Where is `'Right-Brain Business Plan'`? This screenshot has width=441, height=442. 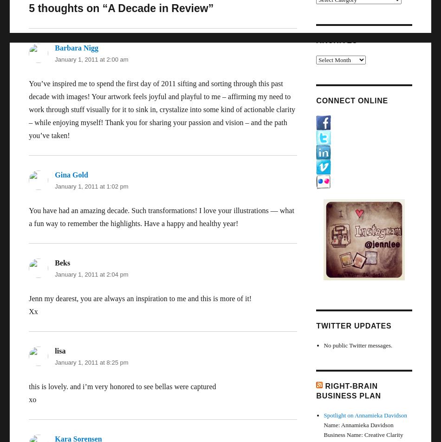 'Right-Brain Business Plan' is located at coordinates (348, 390).